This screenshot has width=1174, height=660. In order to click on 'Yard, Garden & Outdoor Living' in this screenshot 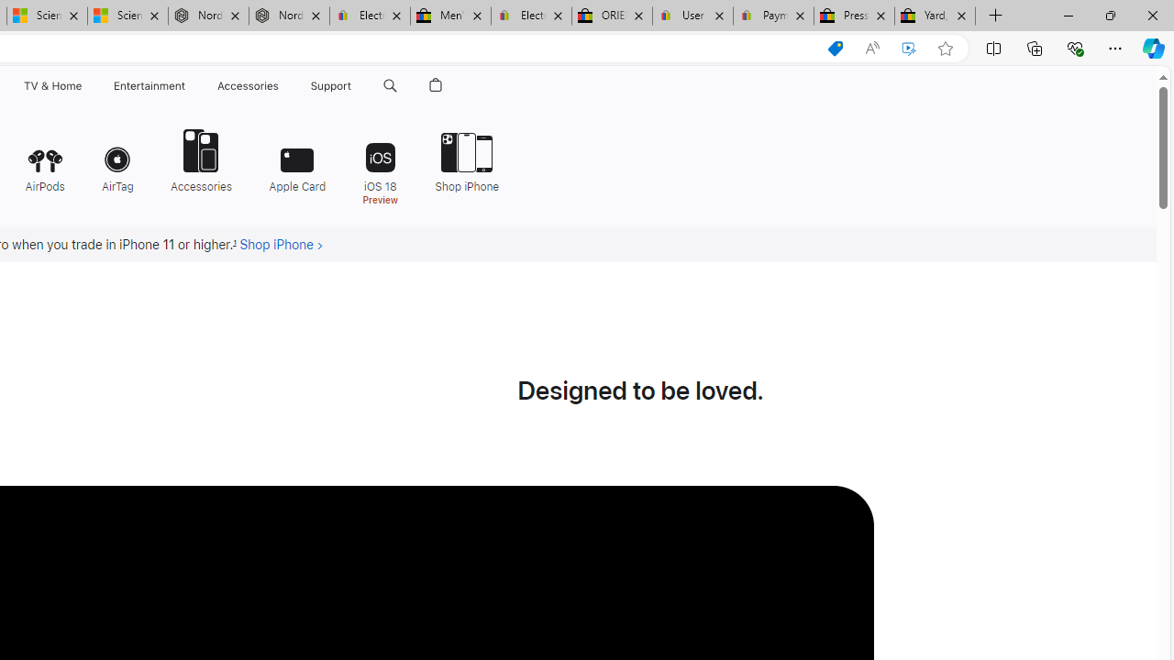, I will do `click(935, 16)`.